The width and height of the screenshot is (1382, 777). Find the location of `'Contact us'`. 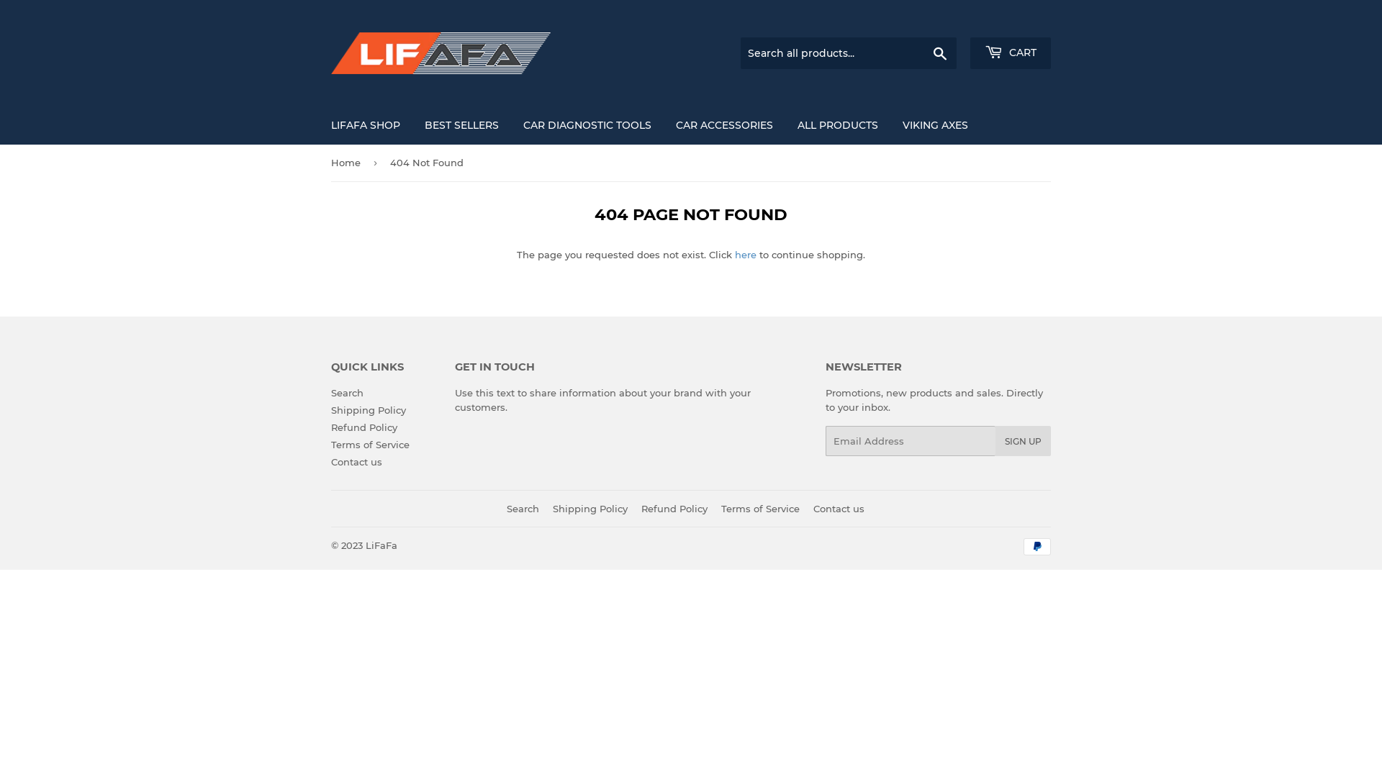

'Contact us' is located at coordinates (839, 506).